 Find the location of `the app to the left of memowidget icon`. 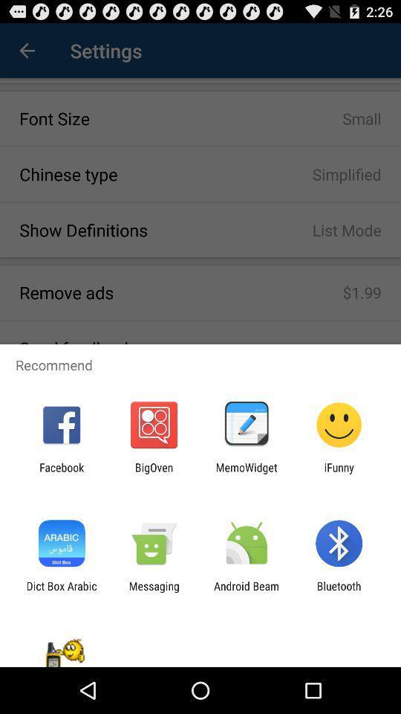

the app to the left of memowidget icon is located at coordinates (153, 473).